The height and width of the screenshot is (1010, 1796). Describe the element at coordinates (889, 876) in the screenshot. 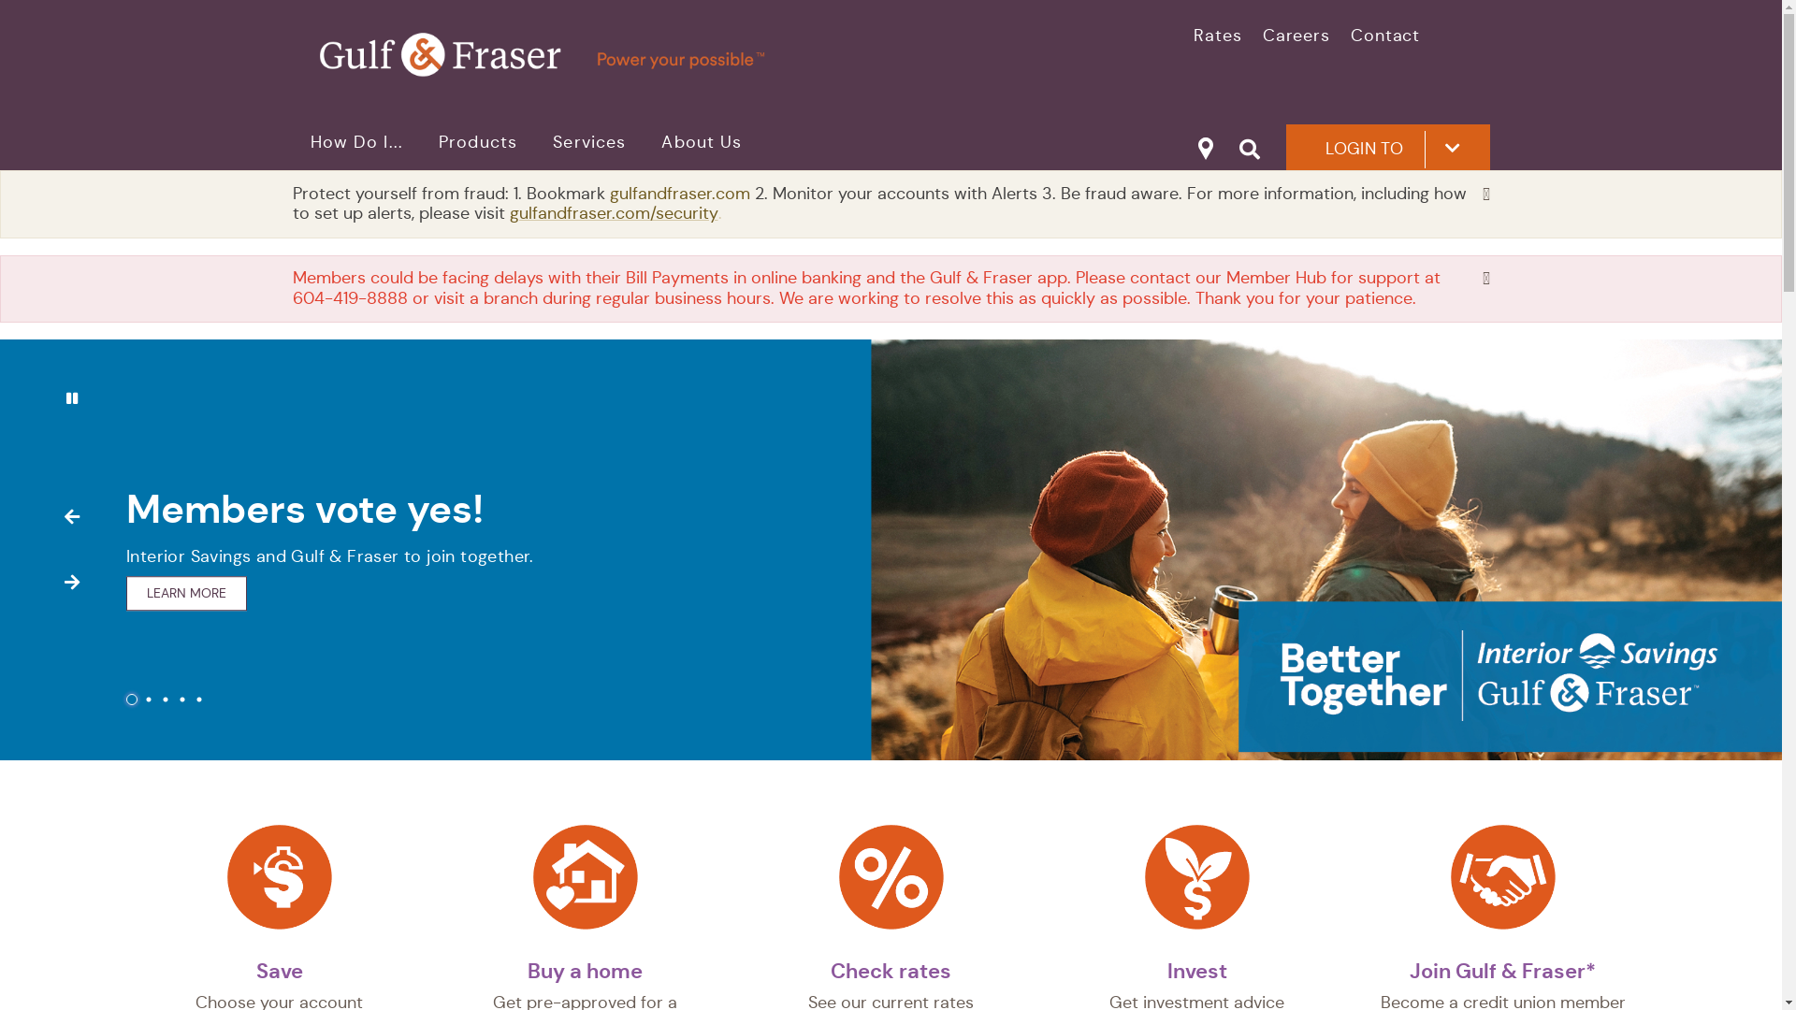

I see `'Percent2.svg'` at that location.